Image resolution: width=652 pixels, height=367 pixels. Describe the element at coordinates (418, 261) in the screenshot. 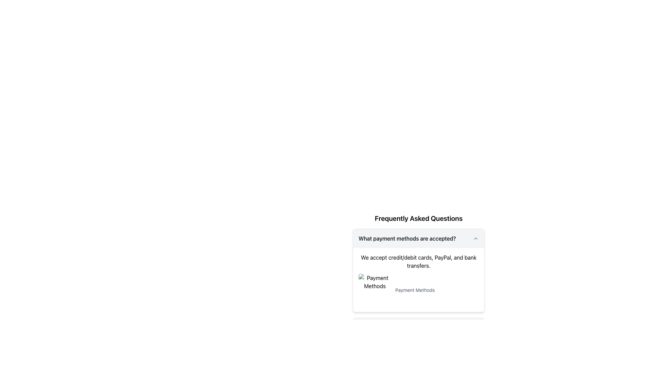

I see `the text element displaying the message 'We accept credit/debit cards, PayPal, and bank transfers.' which is located below the section header 'What payment methods are accepted?'` at that location.